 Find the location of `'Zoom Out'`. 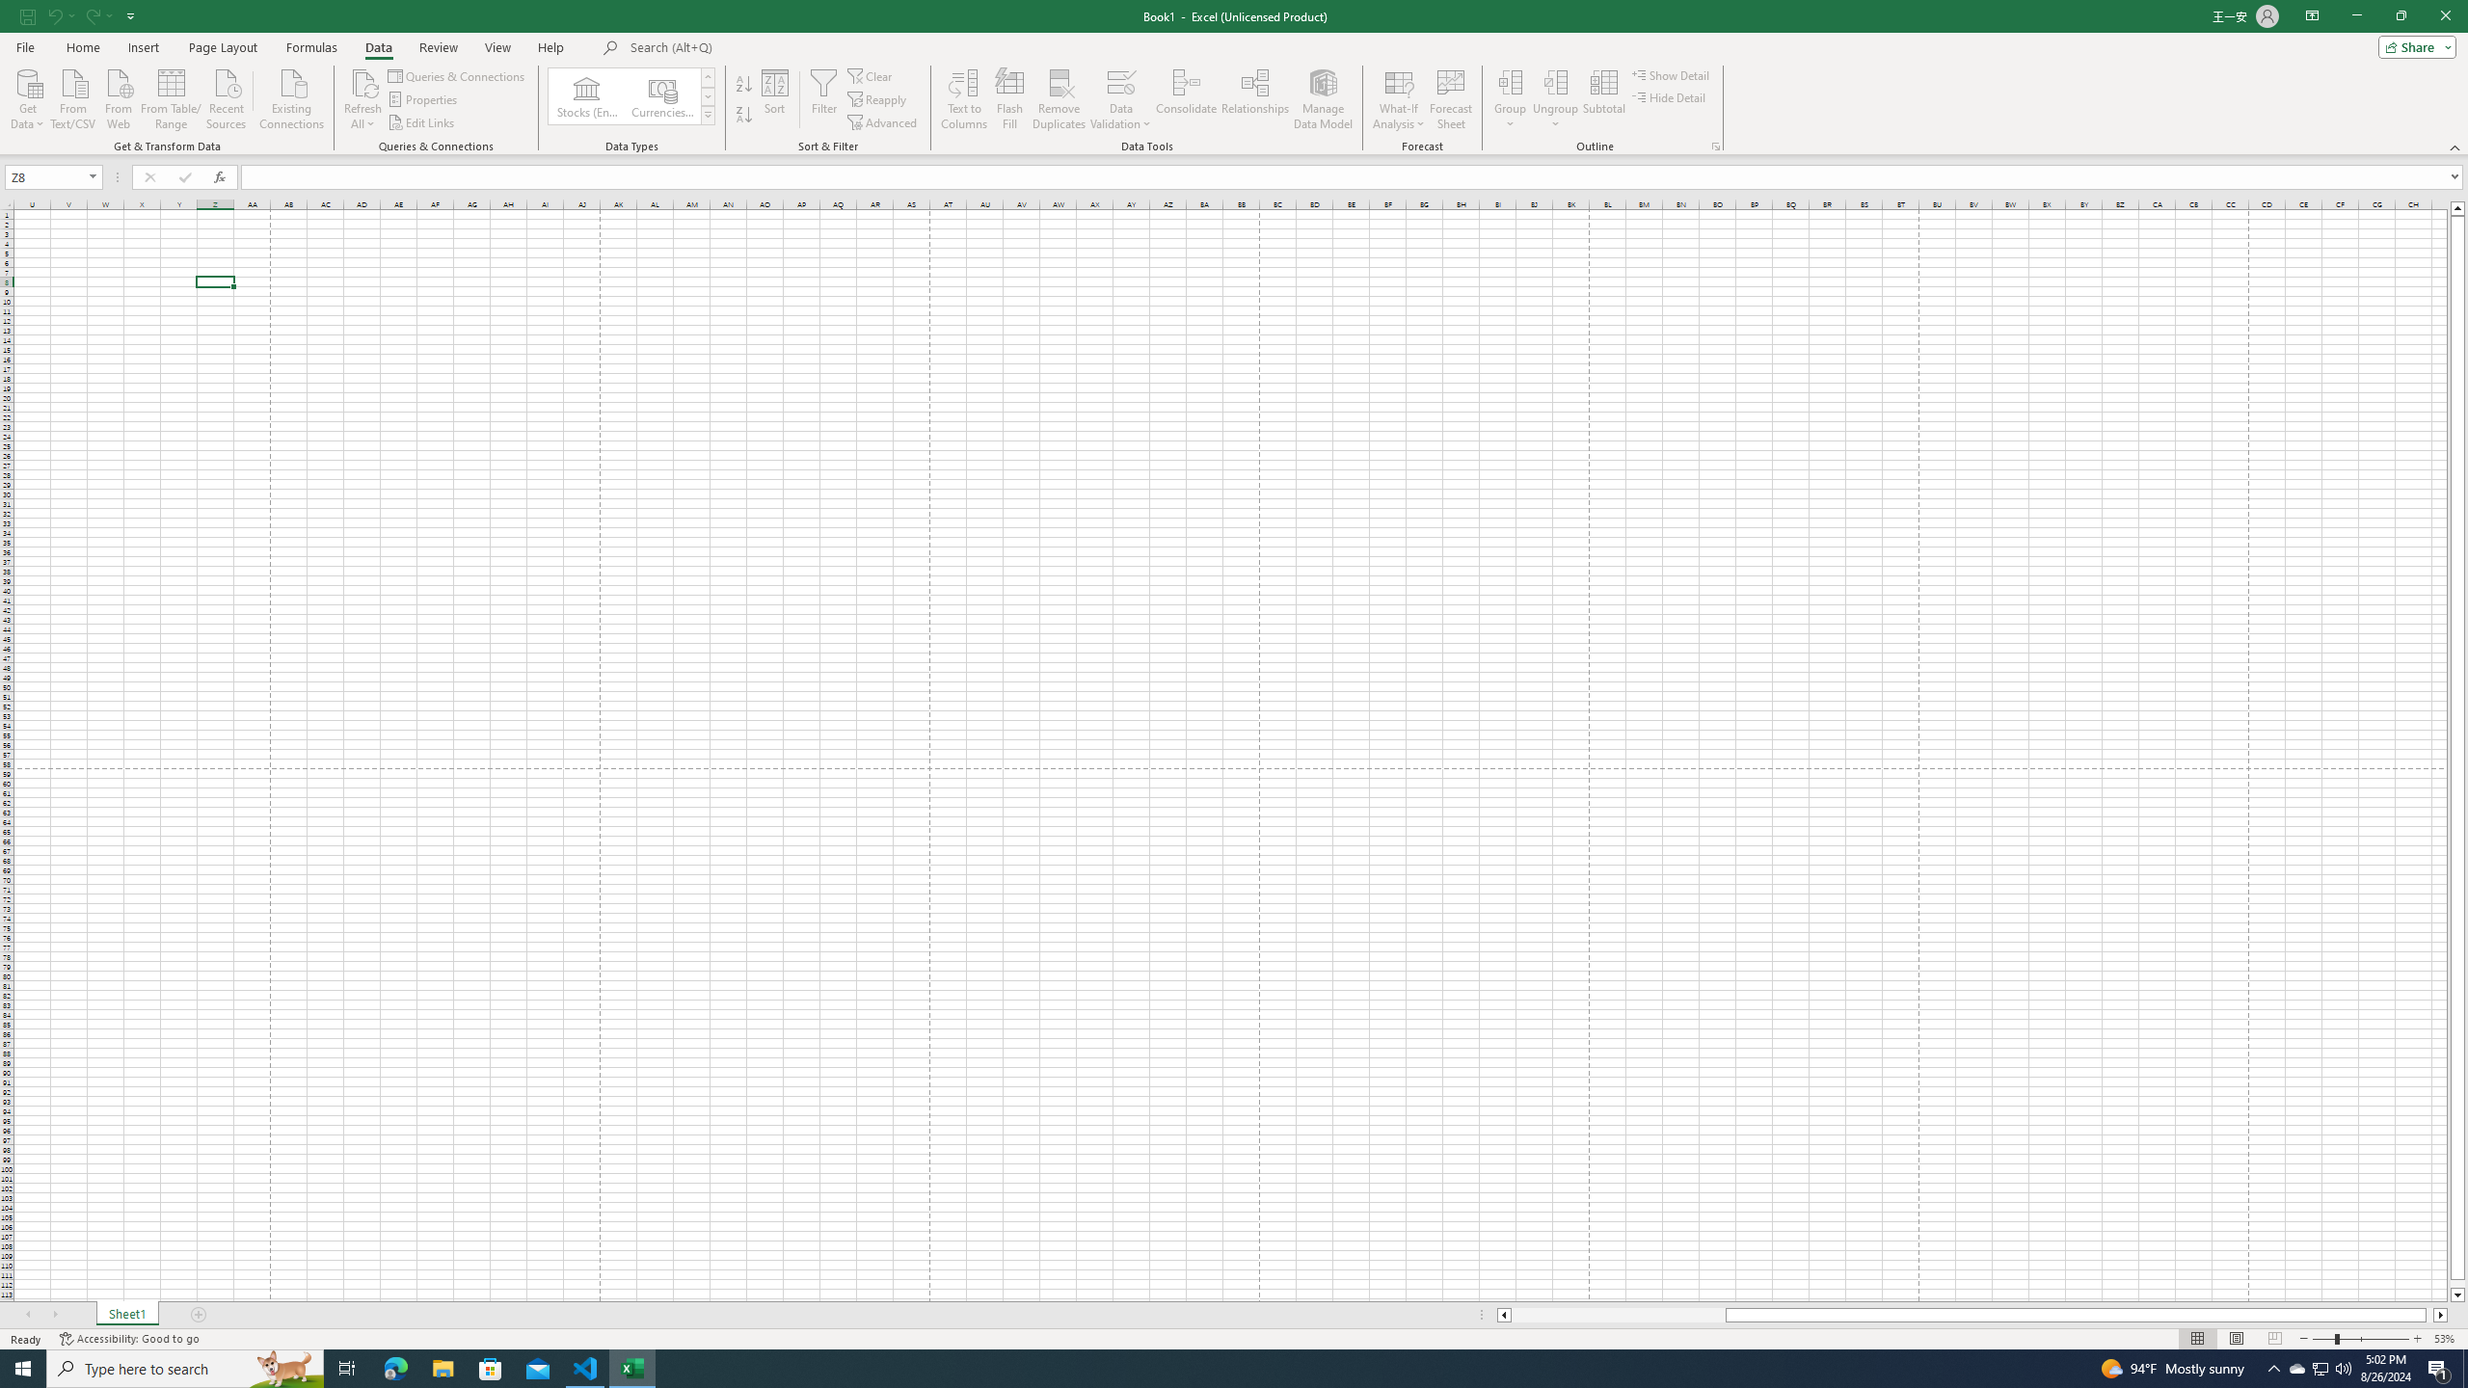

'Zoom Out' is located at coordinates (2322, 1339).